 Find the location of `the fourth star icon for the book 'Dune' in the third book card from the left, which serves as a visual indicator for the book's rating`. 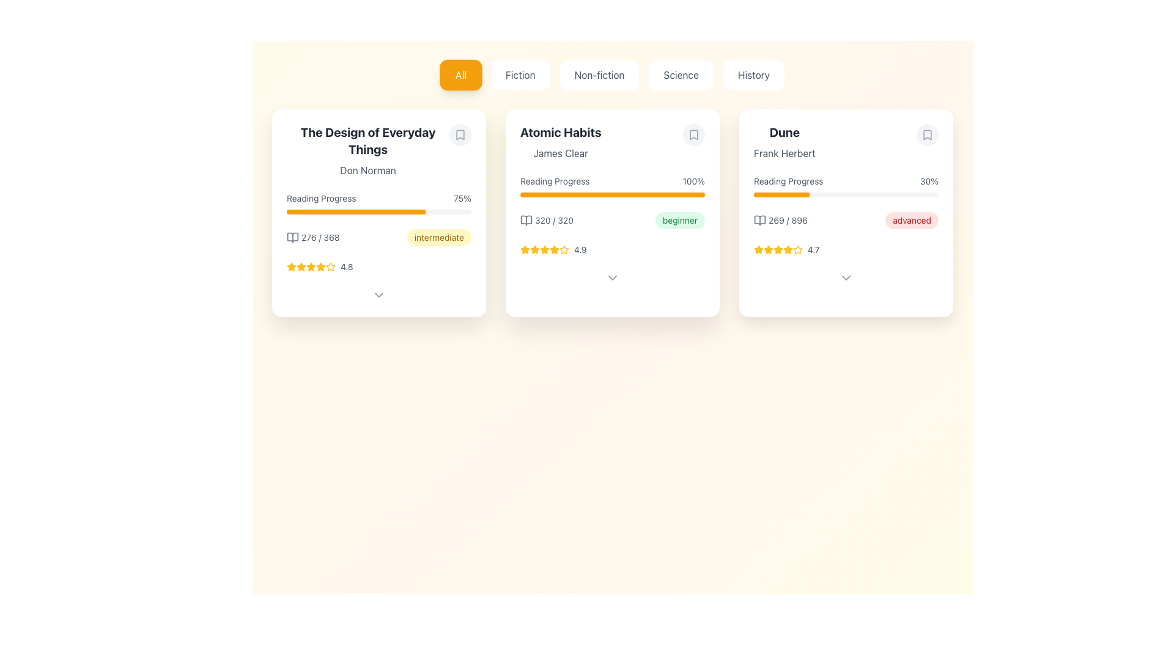

the fourth star icon for the book 'Dune' in the third book card from the left, which serves as a visual indicator for the book's rating is located at coordinates (798, 249).